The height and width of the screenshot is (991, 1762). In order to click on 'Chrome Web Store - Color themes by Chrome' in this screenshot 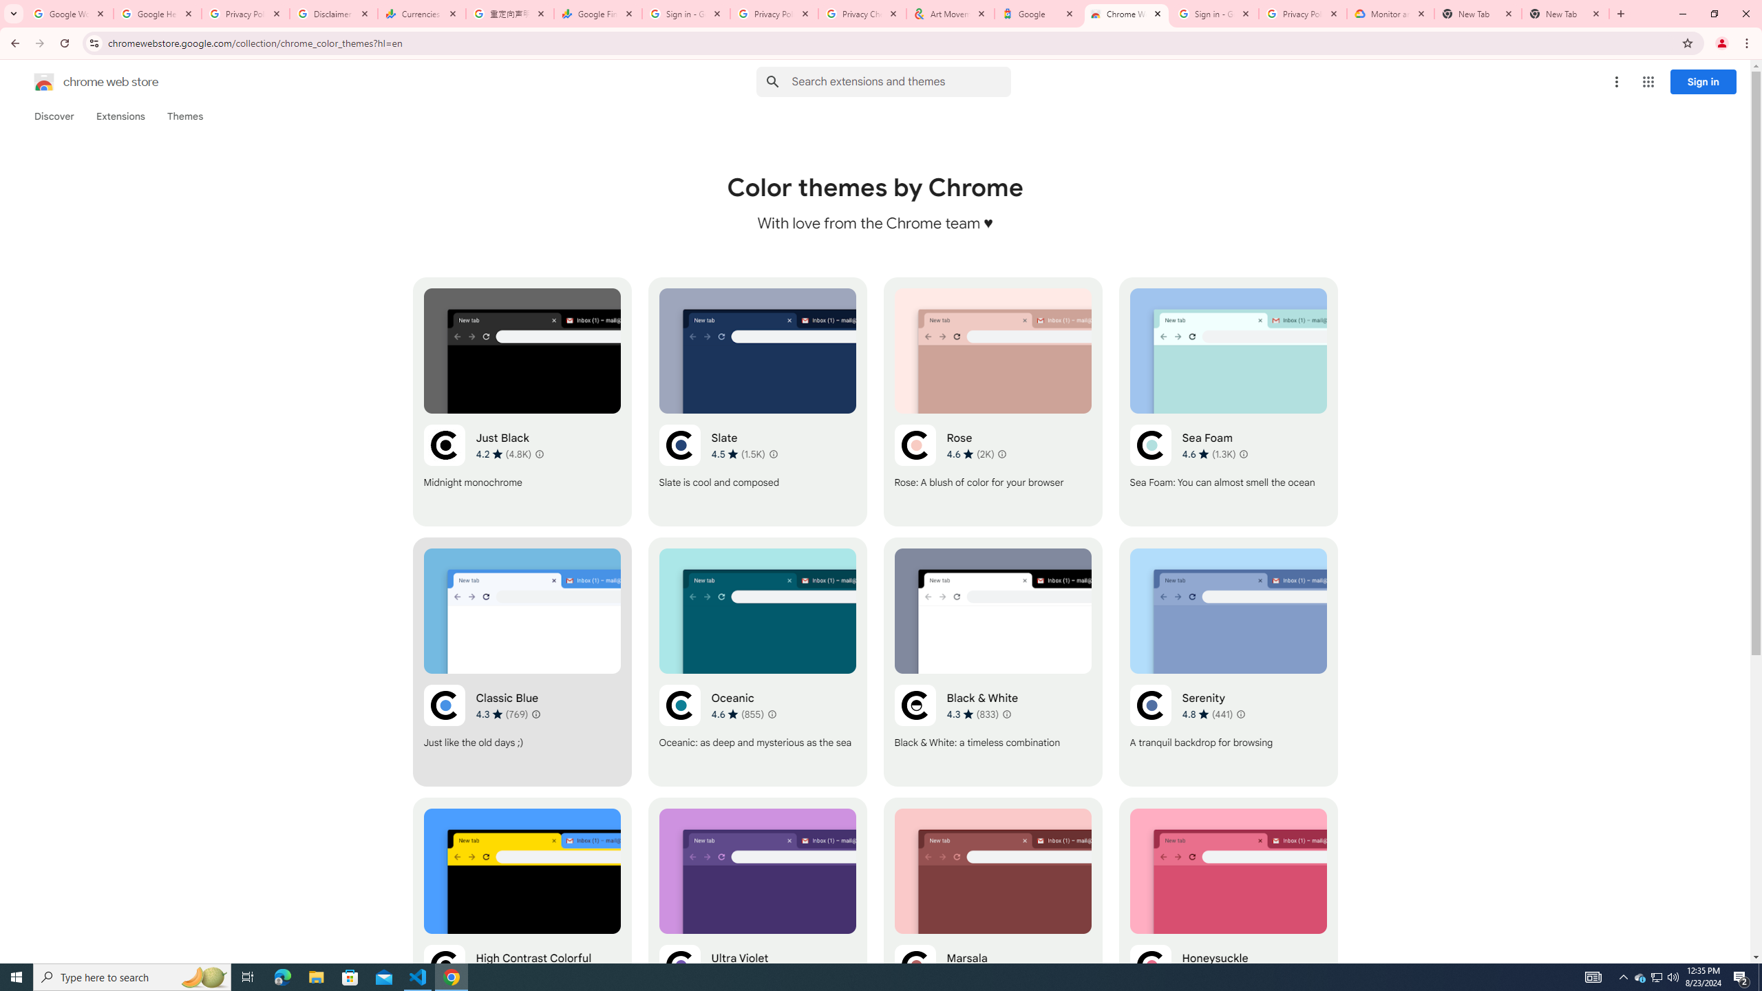, I will do `click(1126, 13)`.